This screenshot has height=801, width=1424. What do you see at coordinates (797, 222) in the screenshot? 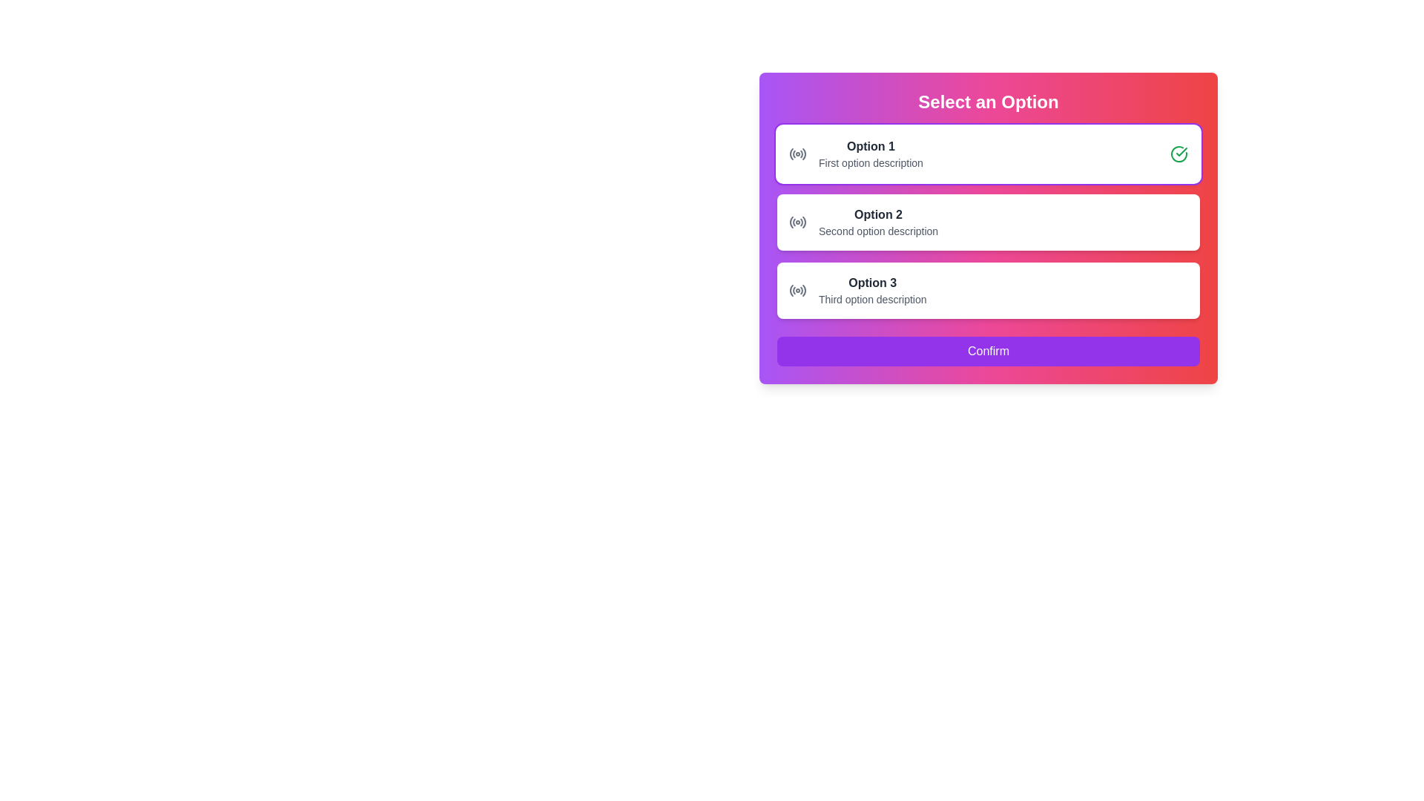
I see `the Decorative radio icon representing 'Option 2' in the selection card next to the text 'Option 2 Second option description'` at bounding box center [797, 222].